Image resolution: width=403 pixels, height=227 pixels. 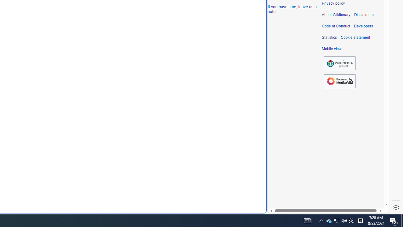 I want to click on 'Code of Conduct', so click(x=336, y=26).